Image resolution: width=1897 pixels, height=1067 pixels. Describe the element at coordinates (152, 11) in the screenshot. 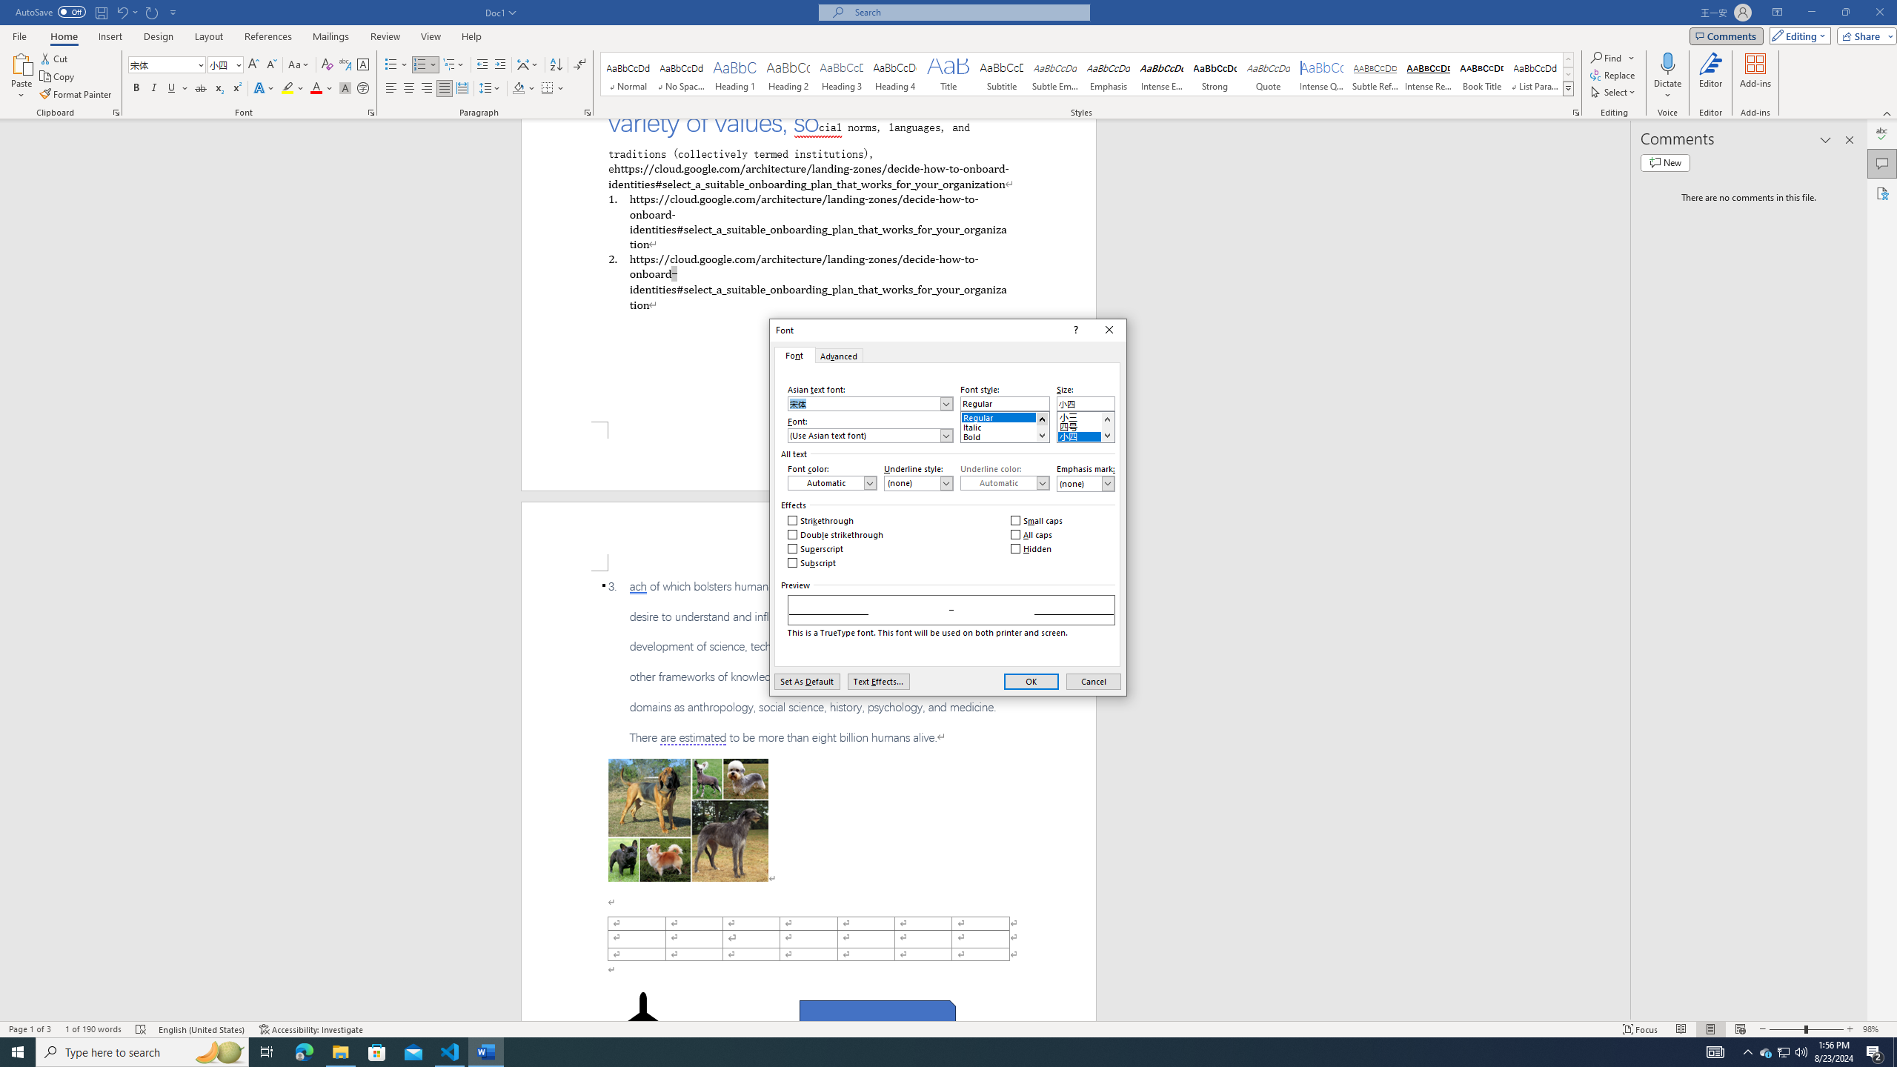

I see `'Repeat Style'` at that location.